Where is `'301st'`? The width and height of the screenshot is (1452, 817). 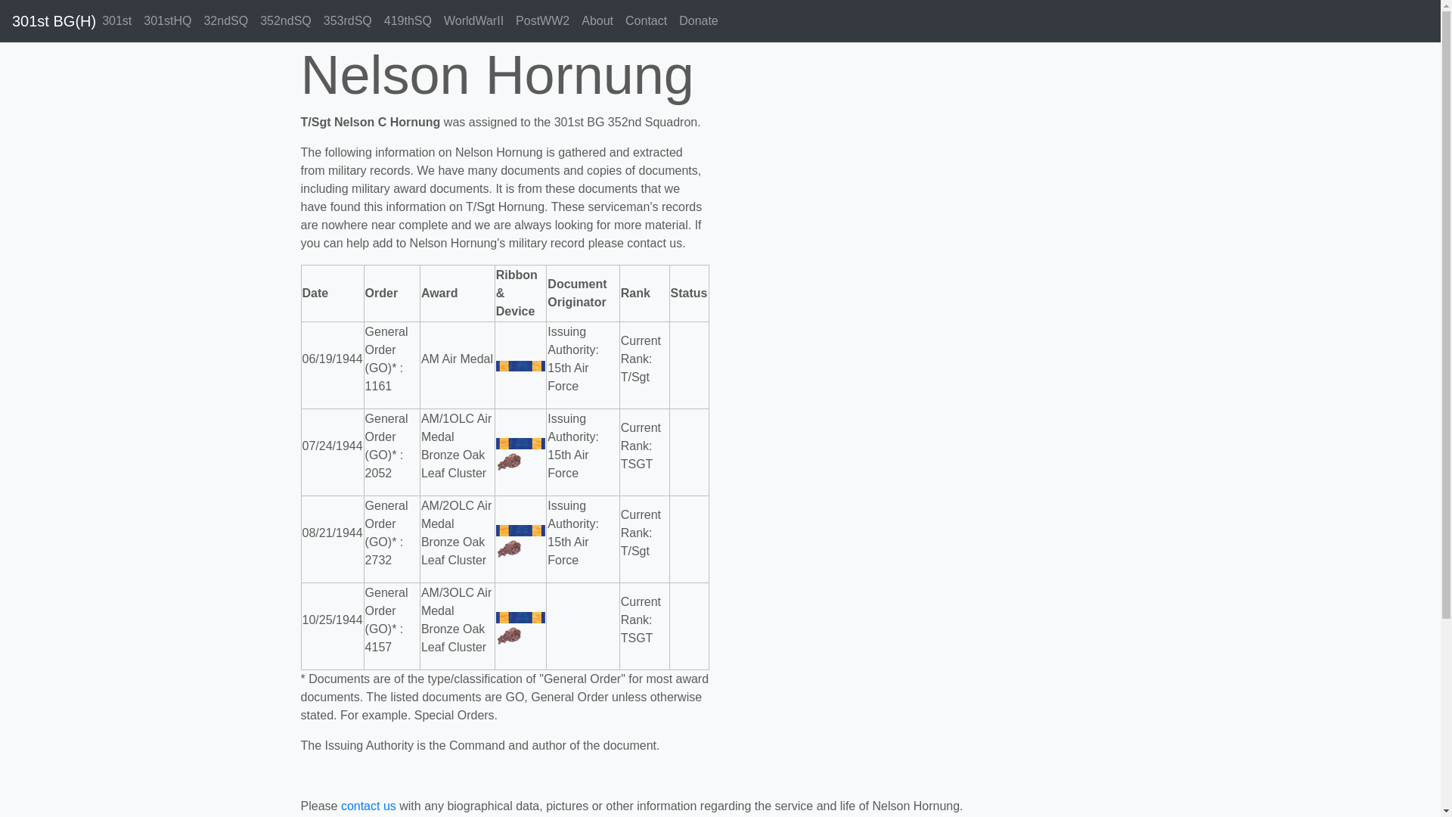
'301st' is located at coordinates (116, 20).